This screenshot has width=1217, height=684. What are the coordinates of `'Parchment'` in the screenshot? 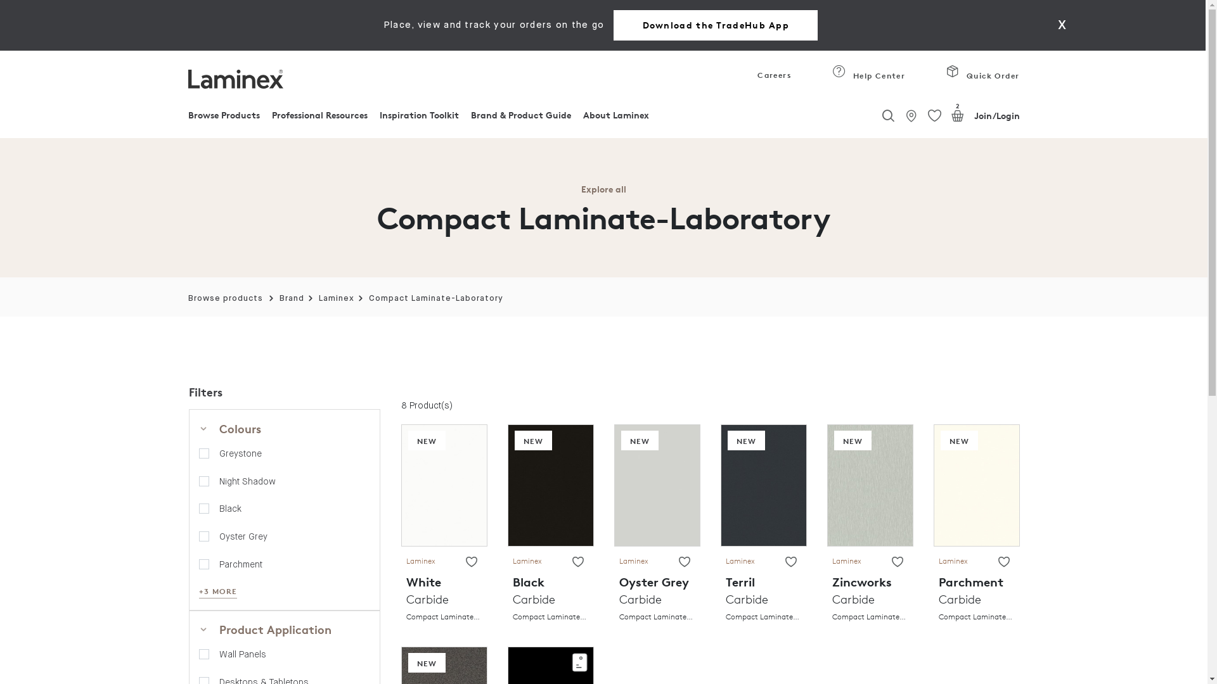 It's located at (976, 484).